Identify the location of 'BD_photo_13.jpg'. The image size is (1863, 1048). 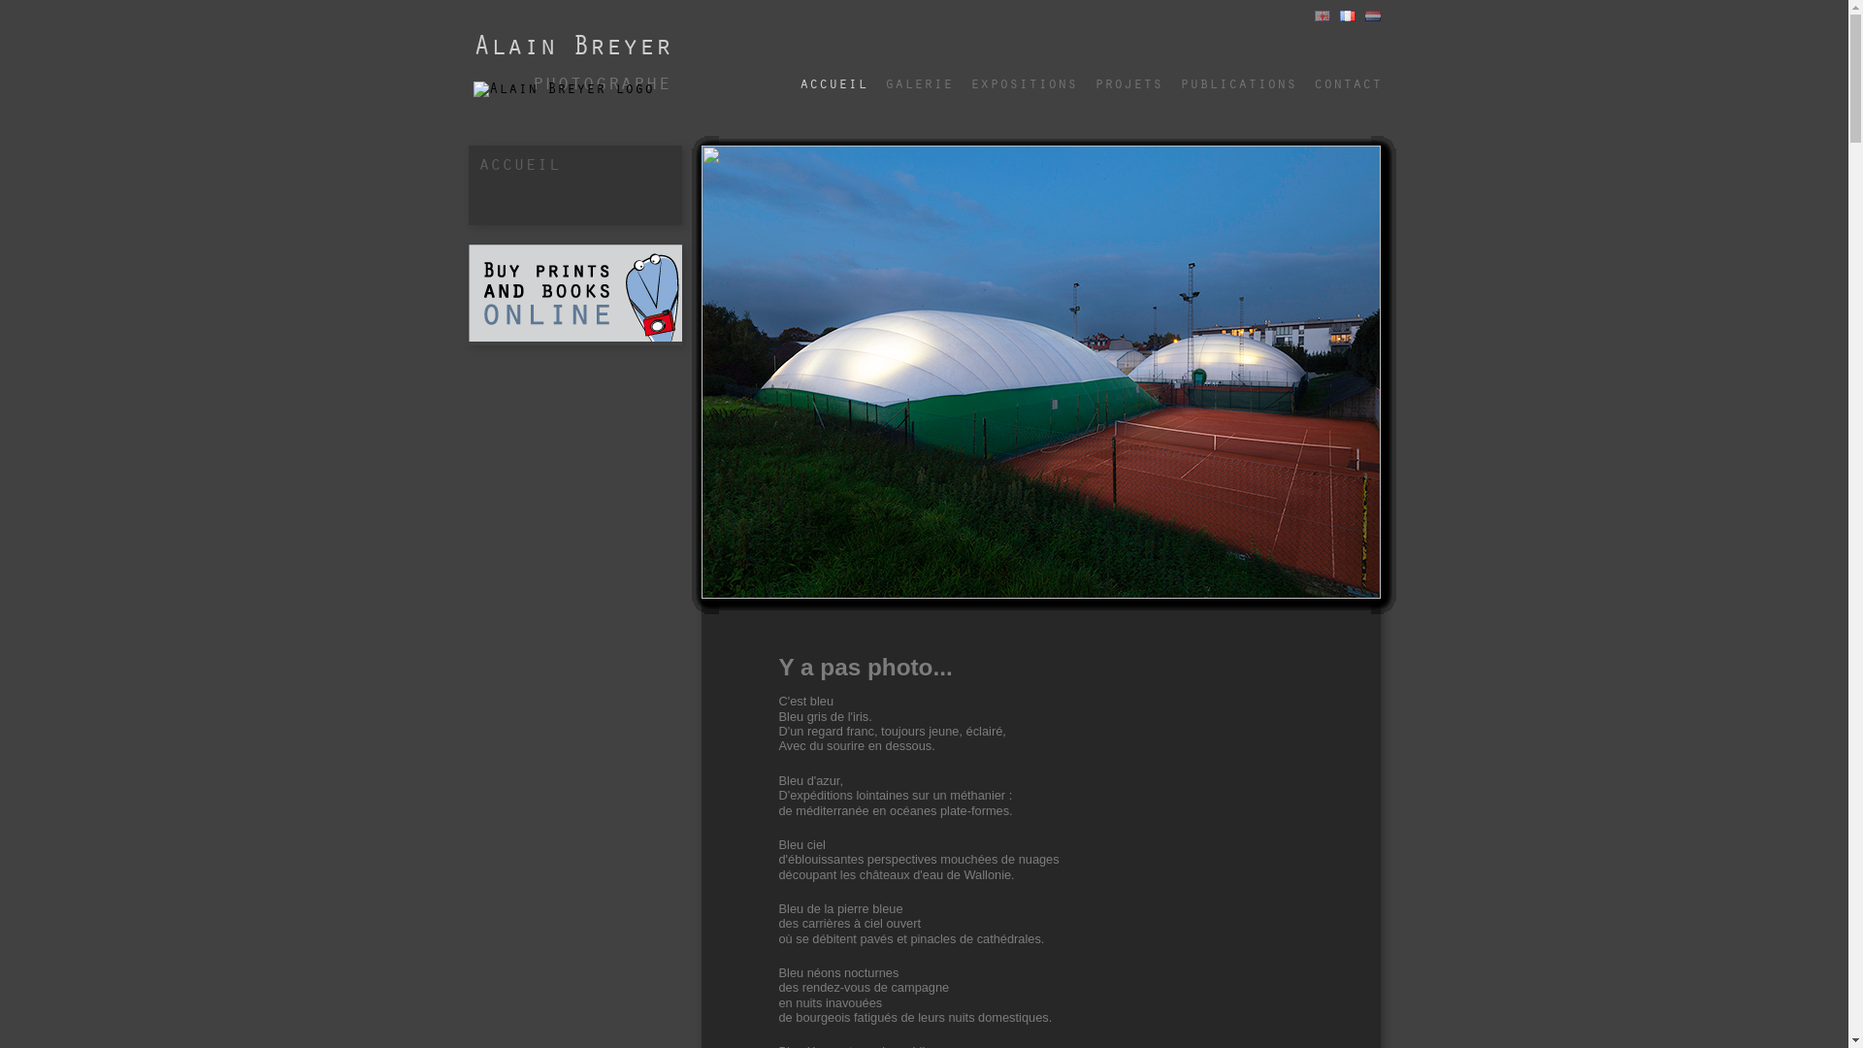
(1038, 370).